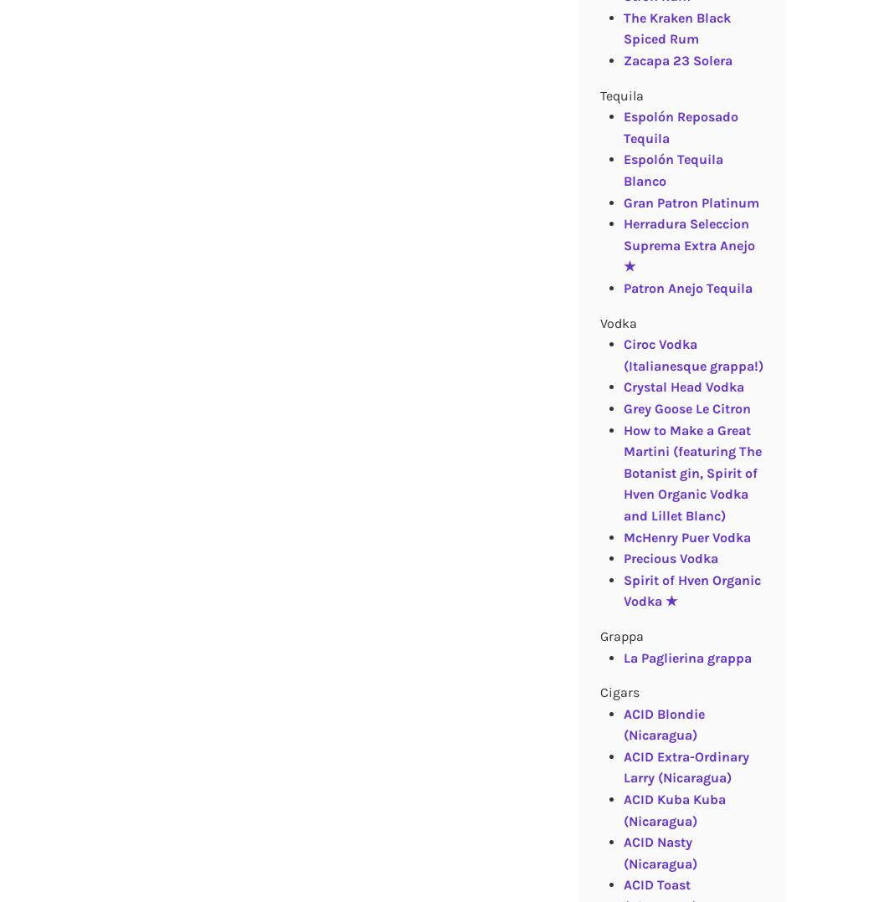 The image size is (879, 902). Describe the element at coordinates (622, 723) in the screenshot. I see `'ACID Blondie (Nicaragua)'` at that location.